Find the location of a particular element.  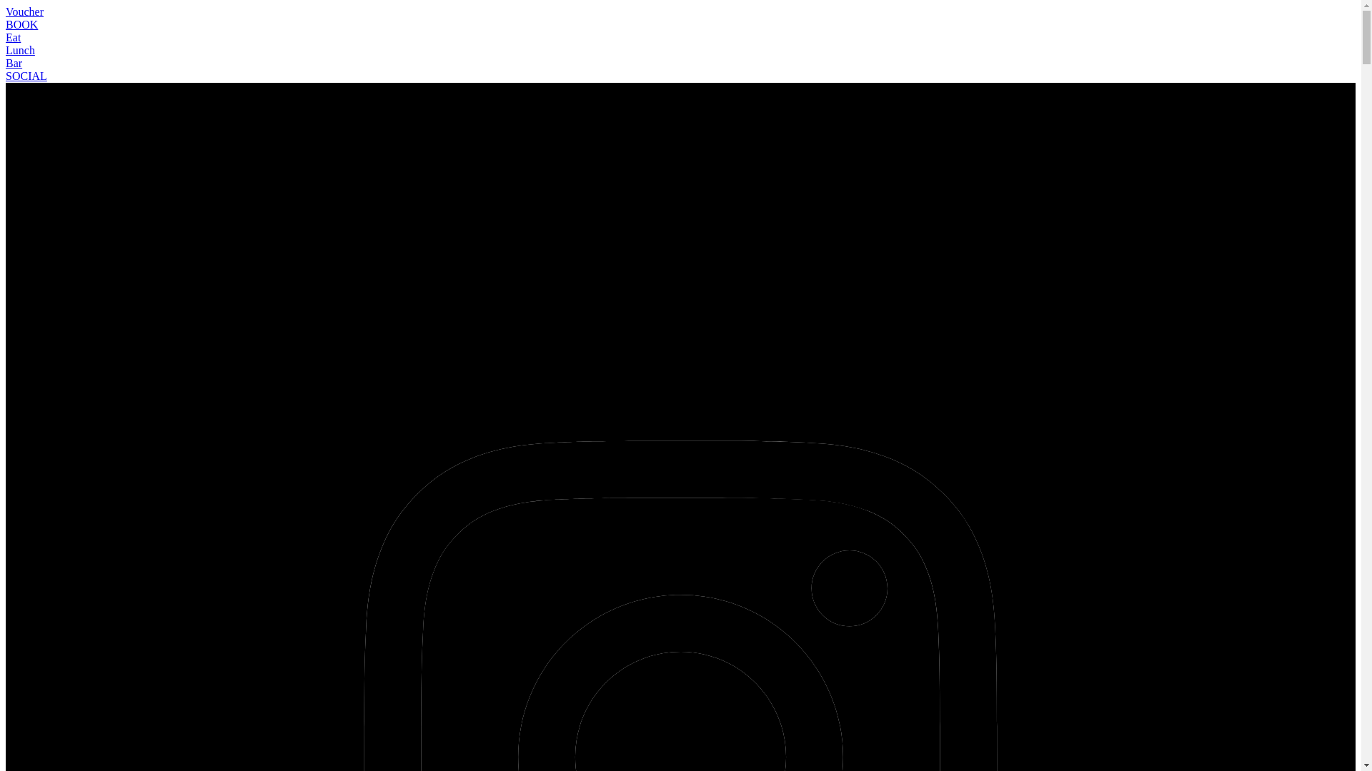

'BOOK' is located at coordinates (21, 24).